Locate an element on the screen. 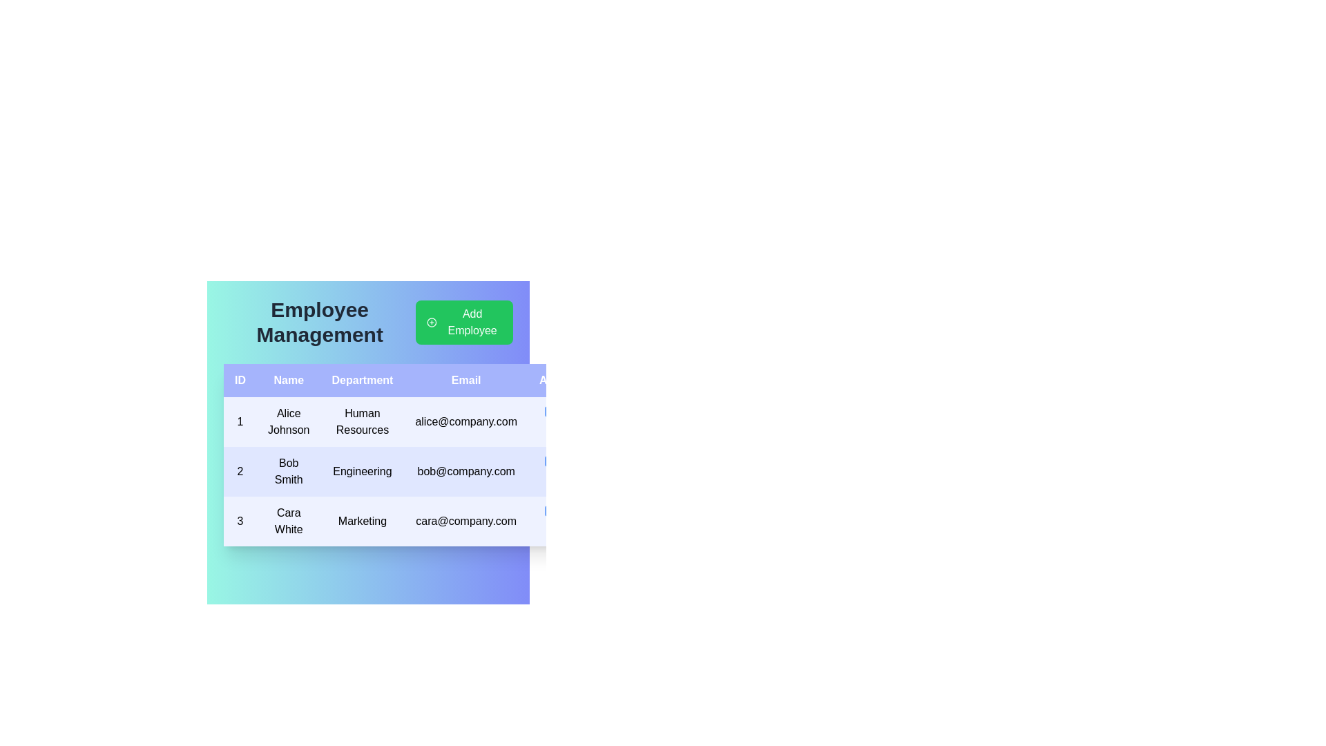 The height and width of the screenshot is (746, 1326). the 'Employee Management' header section that includes the 'Add Employee' button, which is located near the top of the interface above a data table is located at coordinates (368, 322).